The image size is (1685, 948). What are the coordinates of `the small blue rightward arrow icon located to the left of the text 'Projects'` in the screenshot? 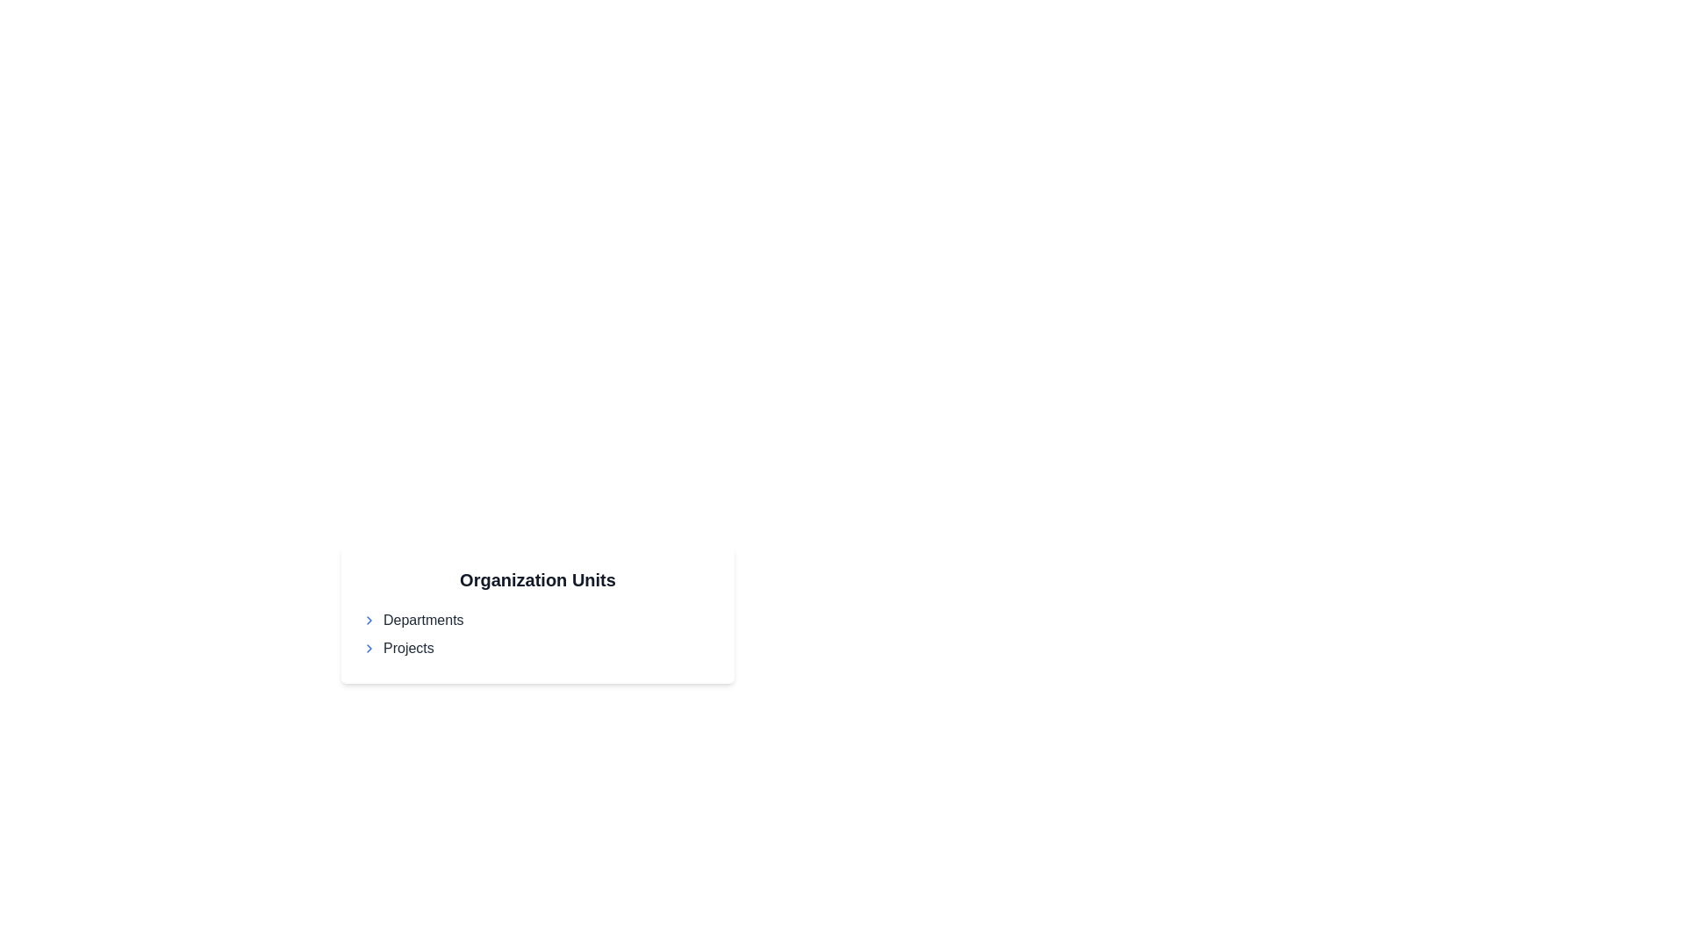 It's located at (369, 649).